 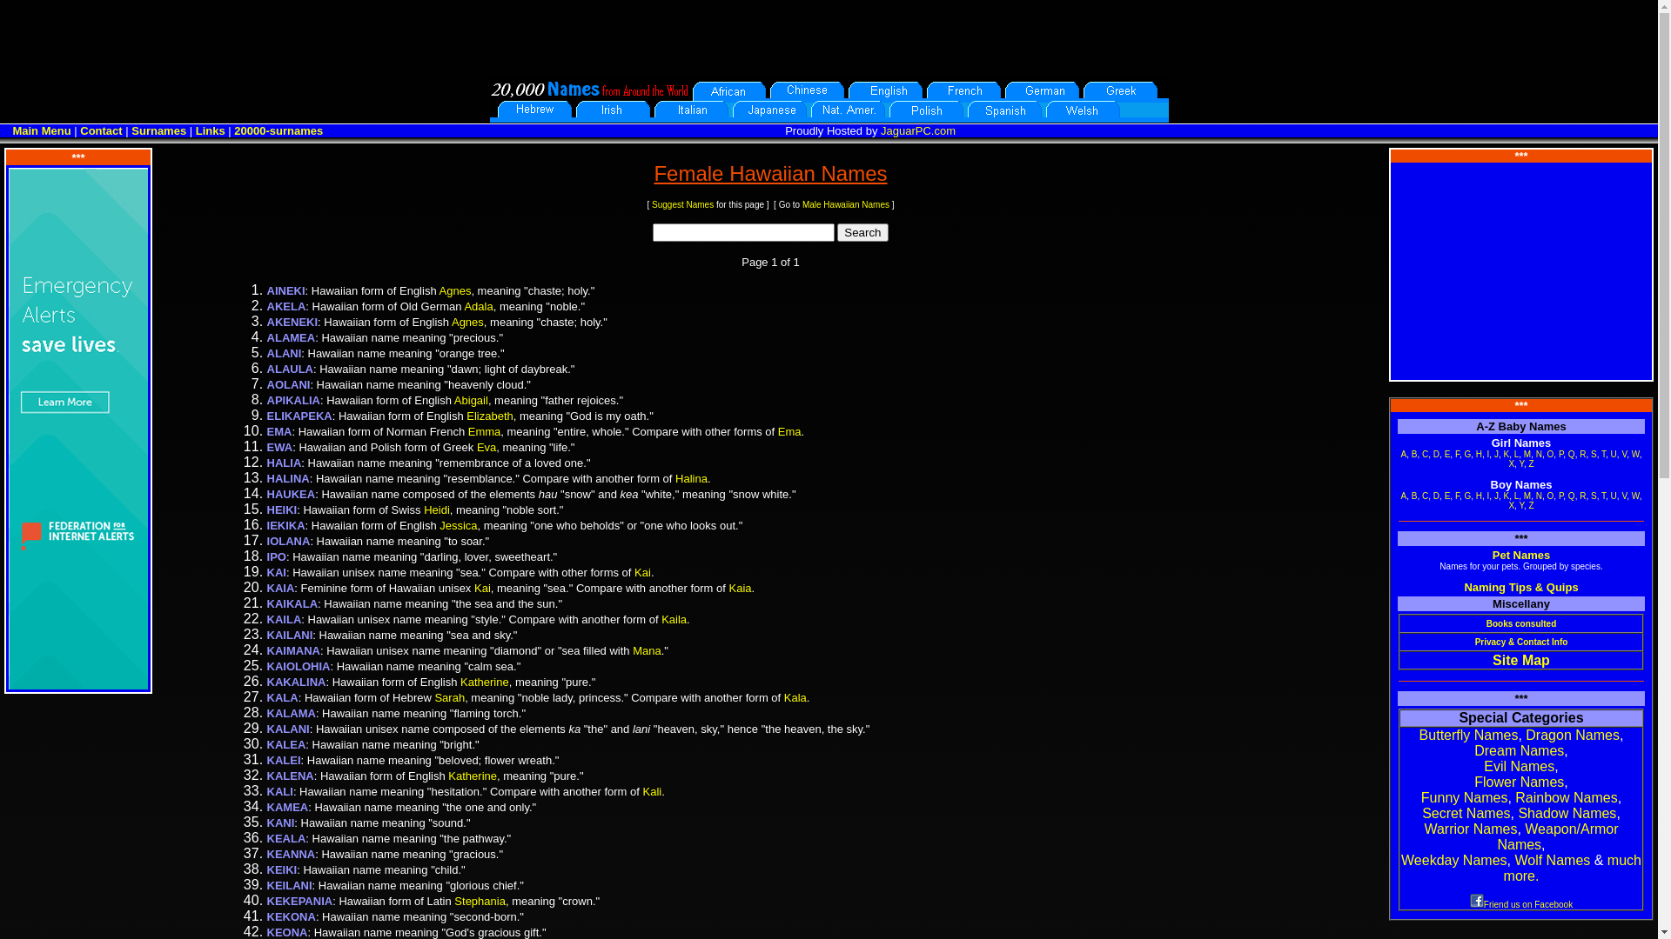 What do you see at coordinates (1602, 453) in the screenshot?
I see `'T'` at bounding box center [1602, 453].